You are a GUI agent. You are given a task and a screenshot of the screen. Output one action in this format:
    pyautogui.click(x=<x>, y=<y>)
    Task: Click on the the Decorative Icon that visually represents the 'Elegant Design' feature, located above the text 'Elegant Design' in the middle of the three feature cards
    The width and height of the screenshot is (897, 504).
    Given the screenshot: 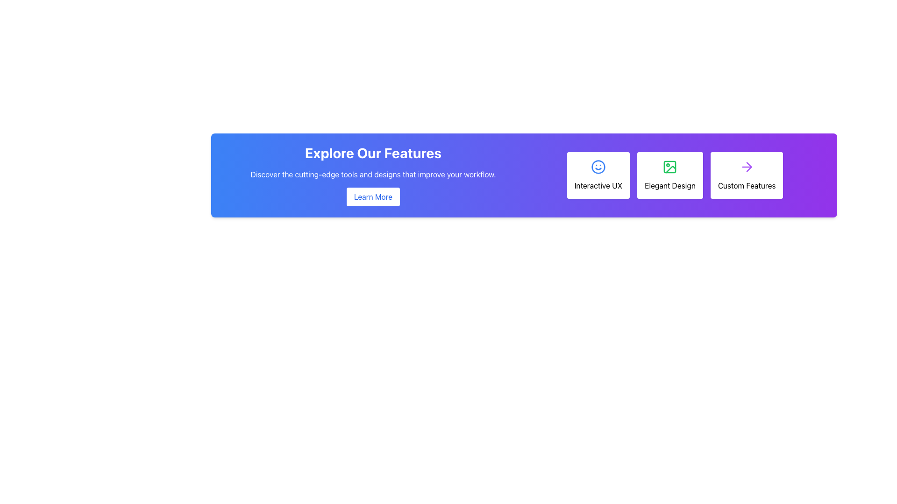 What is the action you would take?
    pyautogui.click(x=669, y=167)
    